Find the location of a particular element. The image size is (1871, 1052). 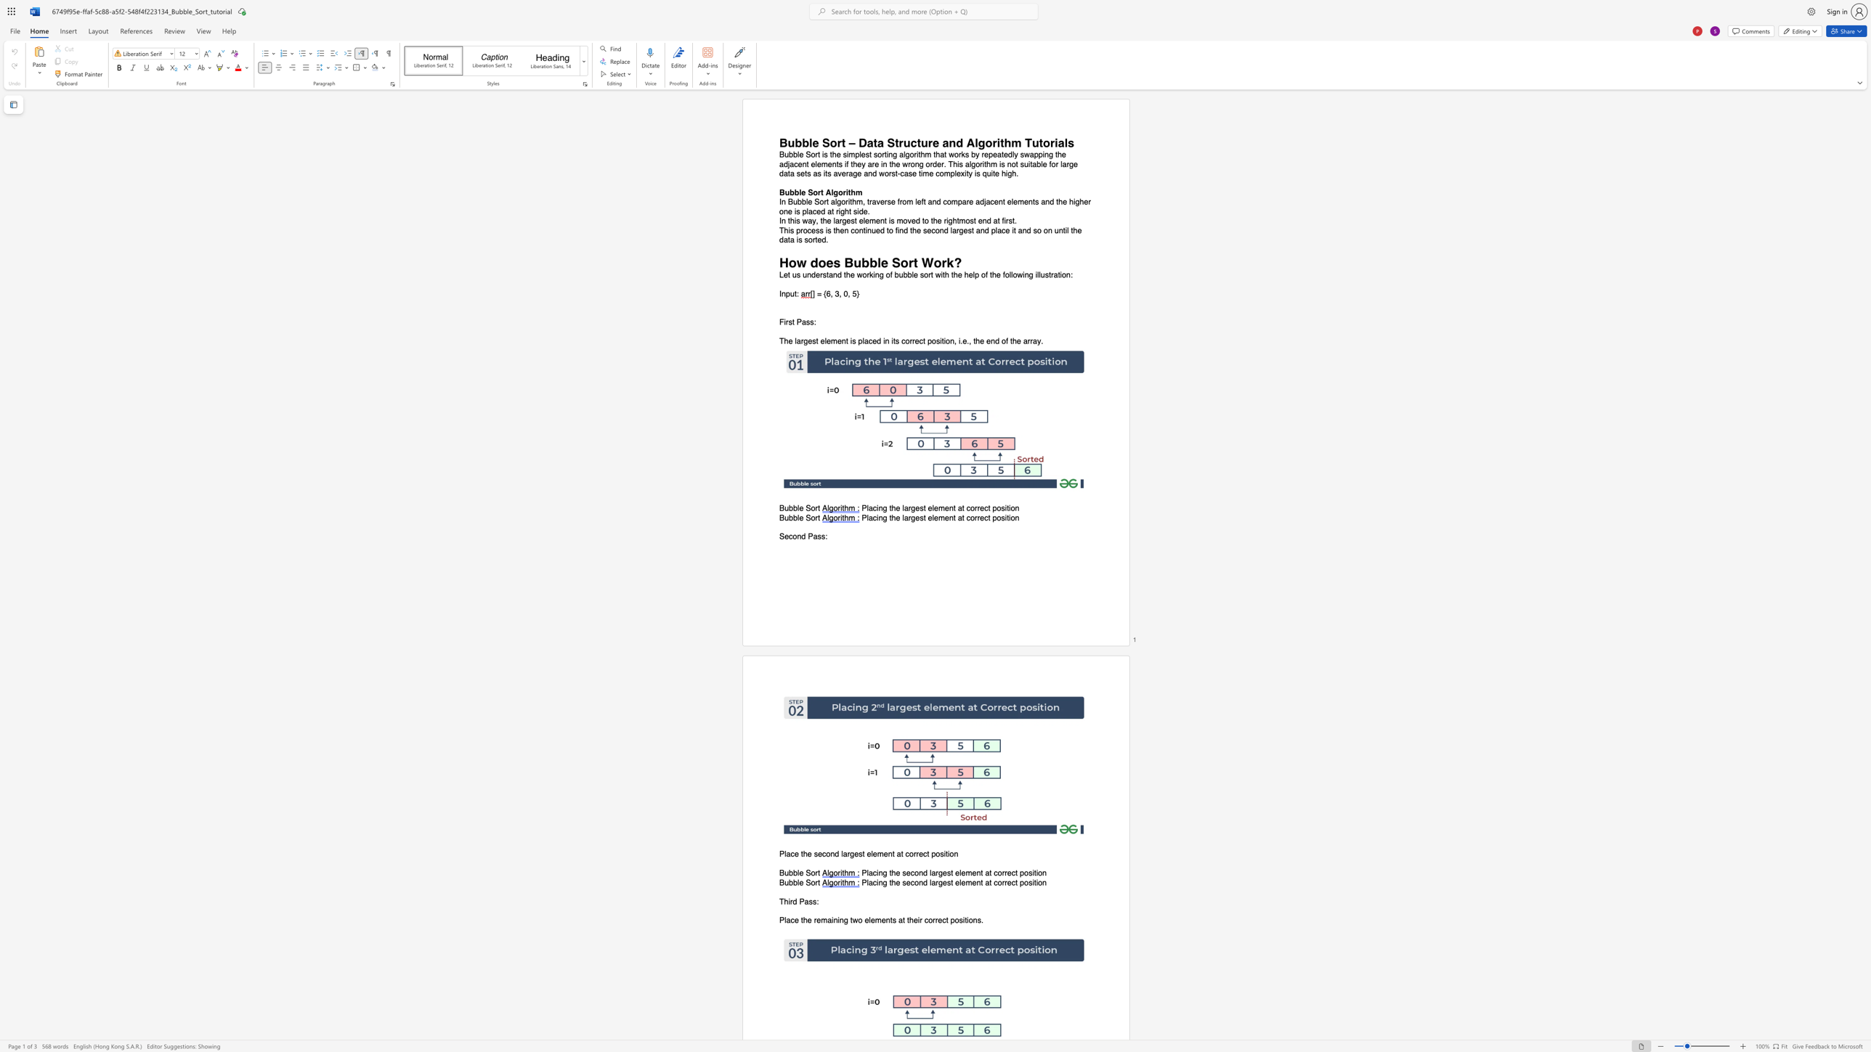

the 1th character "r" in the text is located at coordinates (816, 873).